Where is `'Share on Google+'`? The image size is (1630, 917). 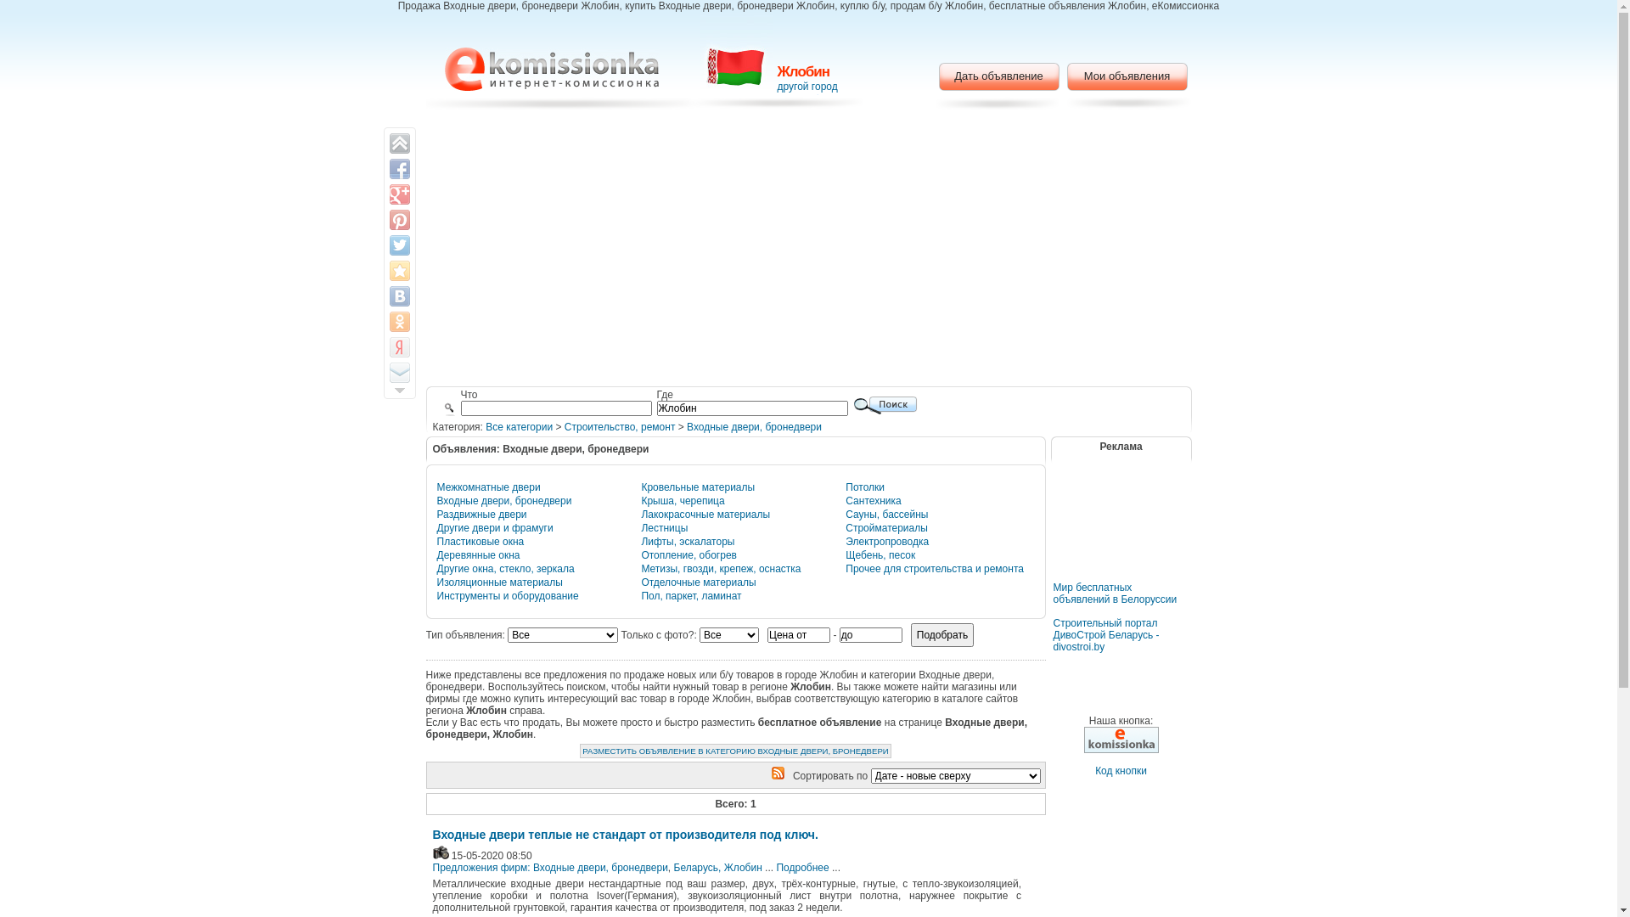 'Share on Google+' is located at coordinates (398, 193).